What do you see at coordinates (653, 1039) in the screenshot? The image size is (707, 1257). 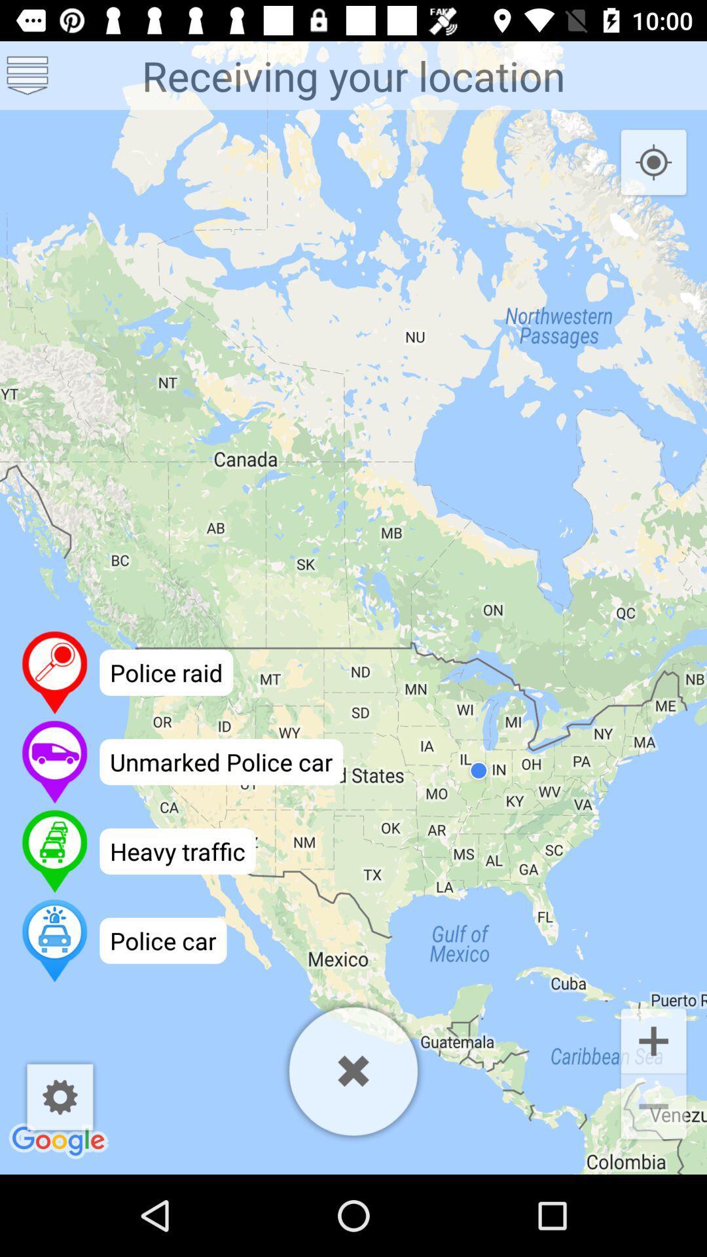 I see `the add icon` at bounding box center [653, 1039].